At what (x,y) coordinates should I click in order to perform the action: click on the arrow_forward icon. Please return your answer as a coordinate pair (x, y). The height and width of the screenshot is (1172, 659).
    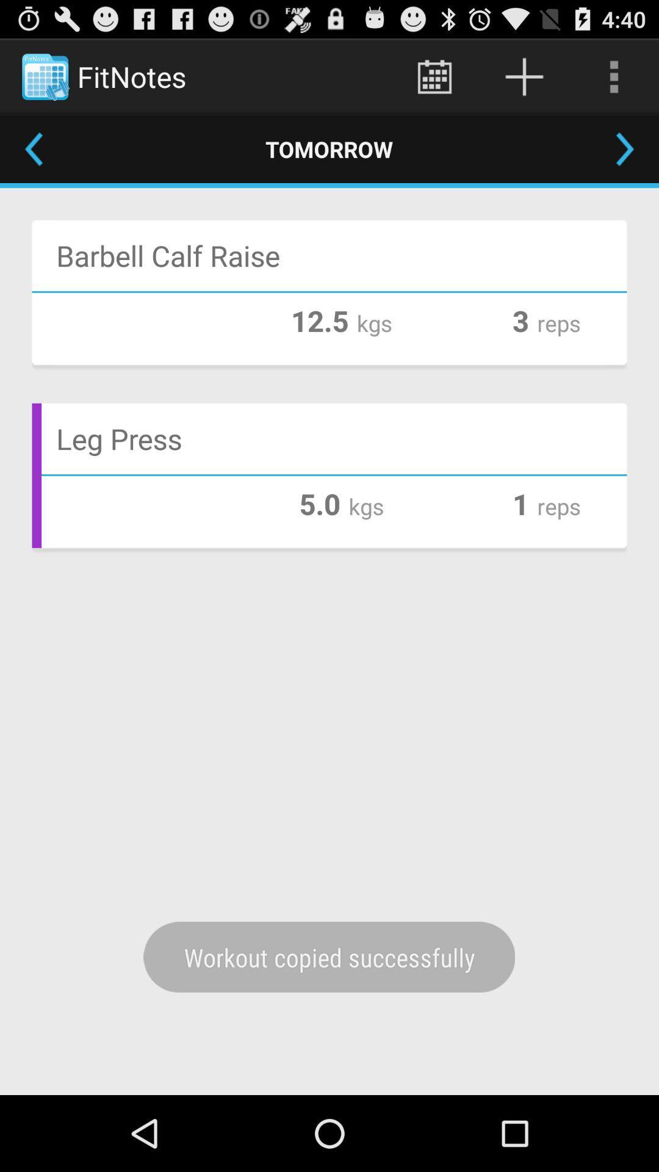
    Looking at the image, I should click on (625, 159).